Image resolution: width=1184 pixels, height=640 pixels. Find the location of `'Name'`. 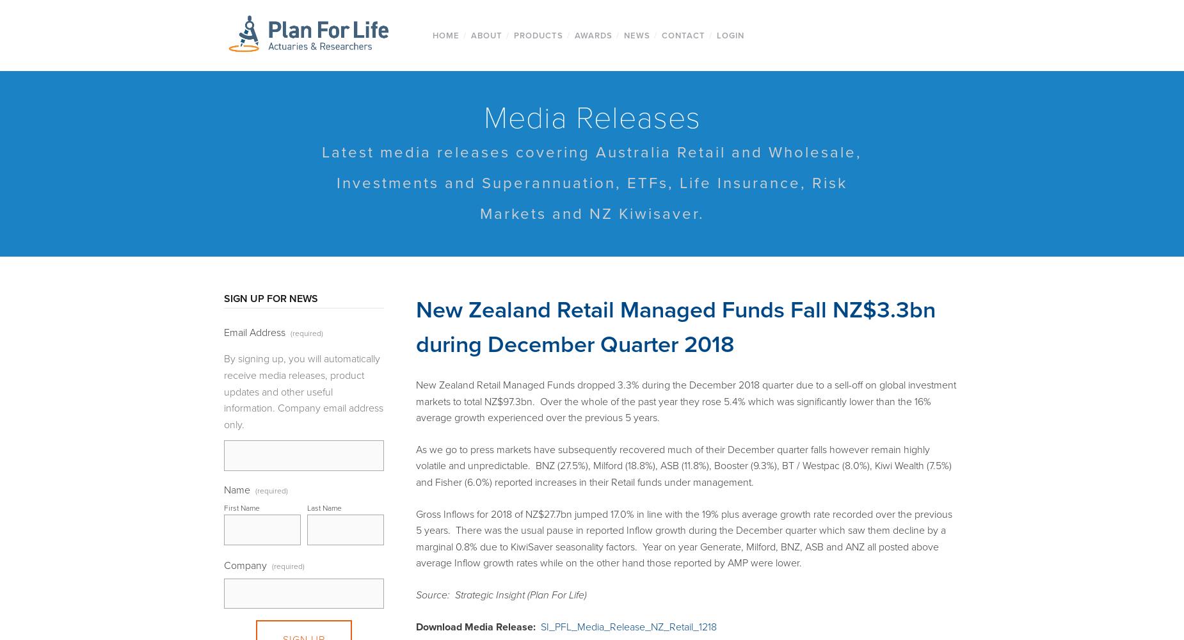

'Name' is located at coordinates (236, 490).